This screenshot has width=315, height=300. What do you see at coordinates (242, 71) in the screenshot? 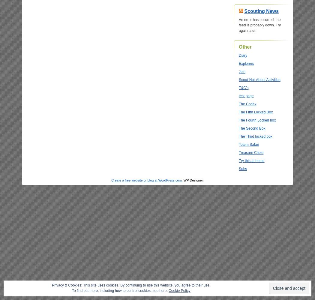
I see `'Join'` at bounding box center [242, 71].